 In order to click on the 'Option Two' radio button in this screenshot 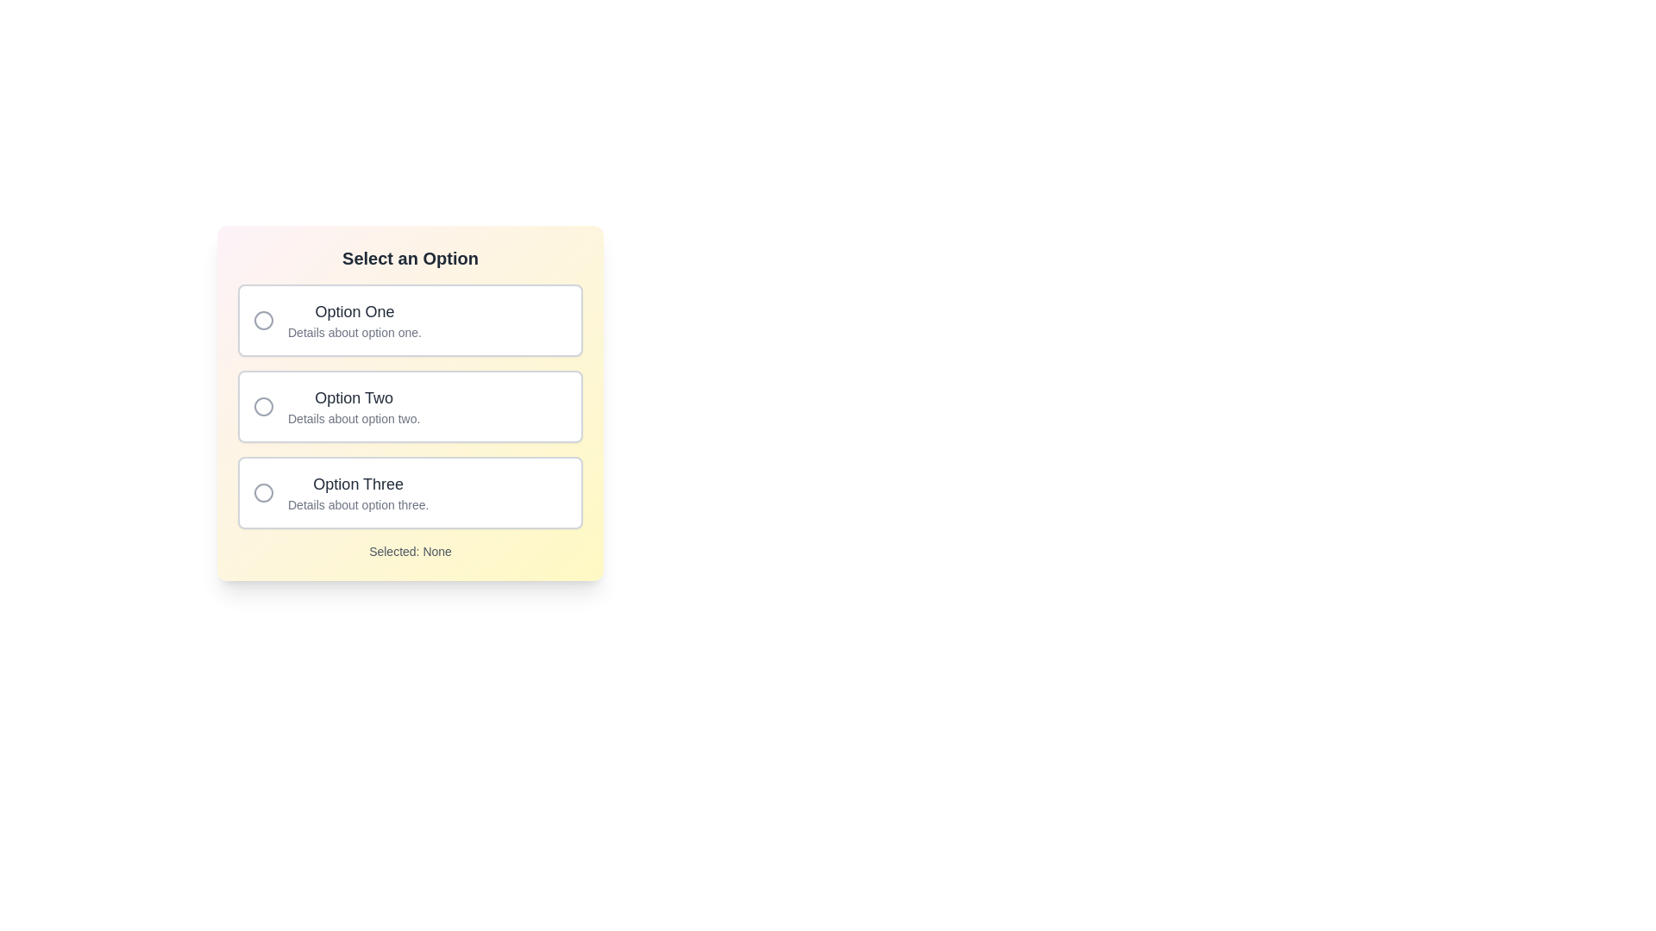, I will do `click(263, 406)`.